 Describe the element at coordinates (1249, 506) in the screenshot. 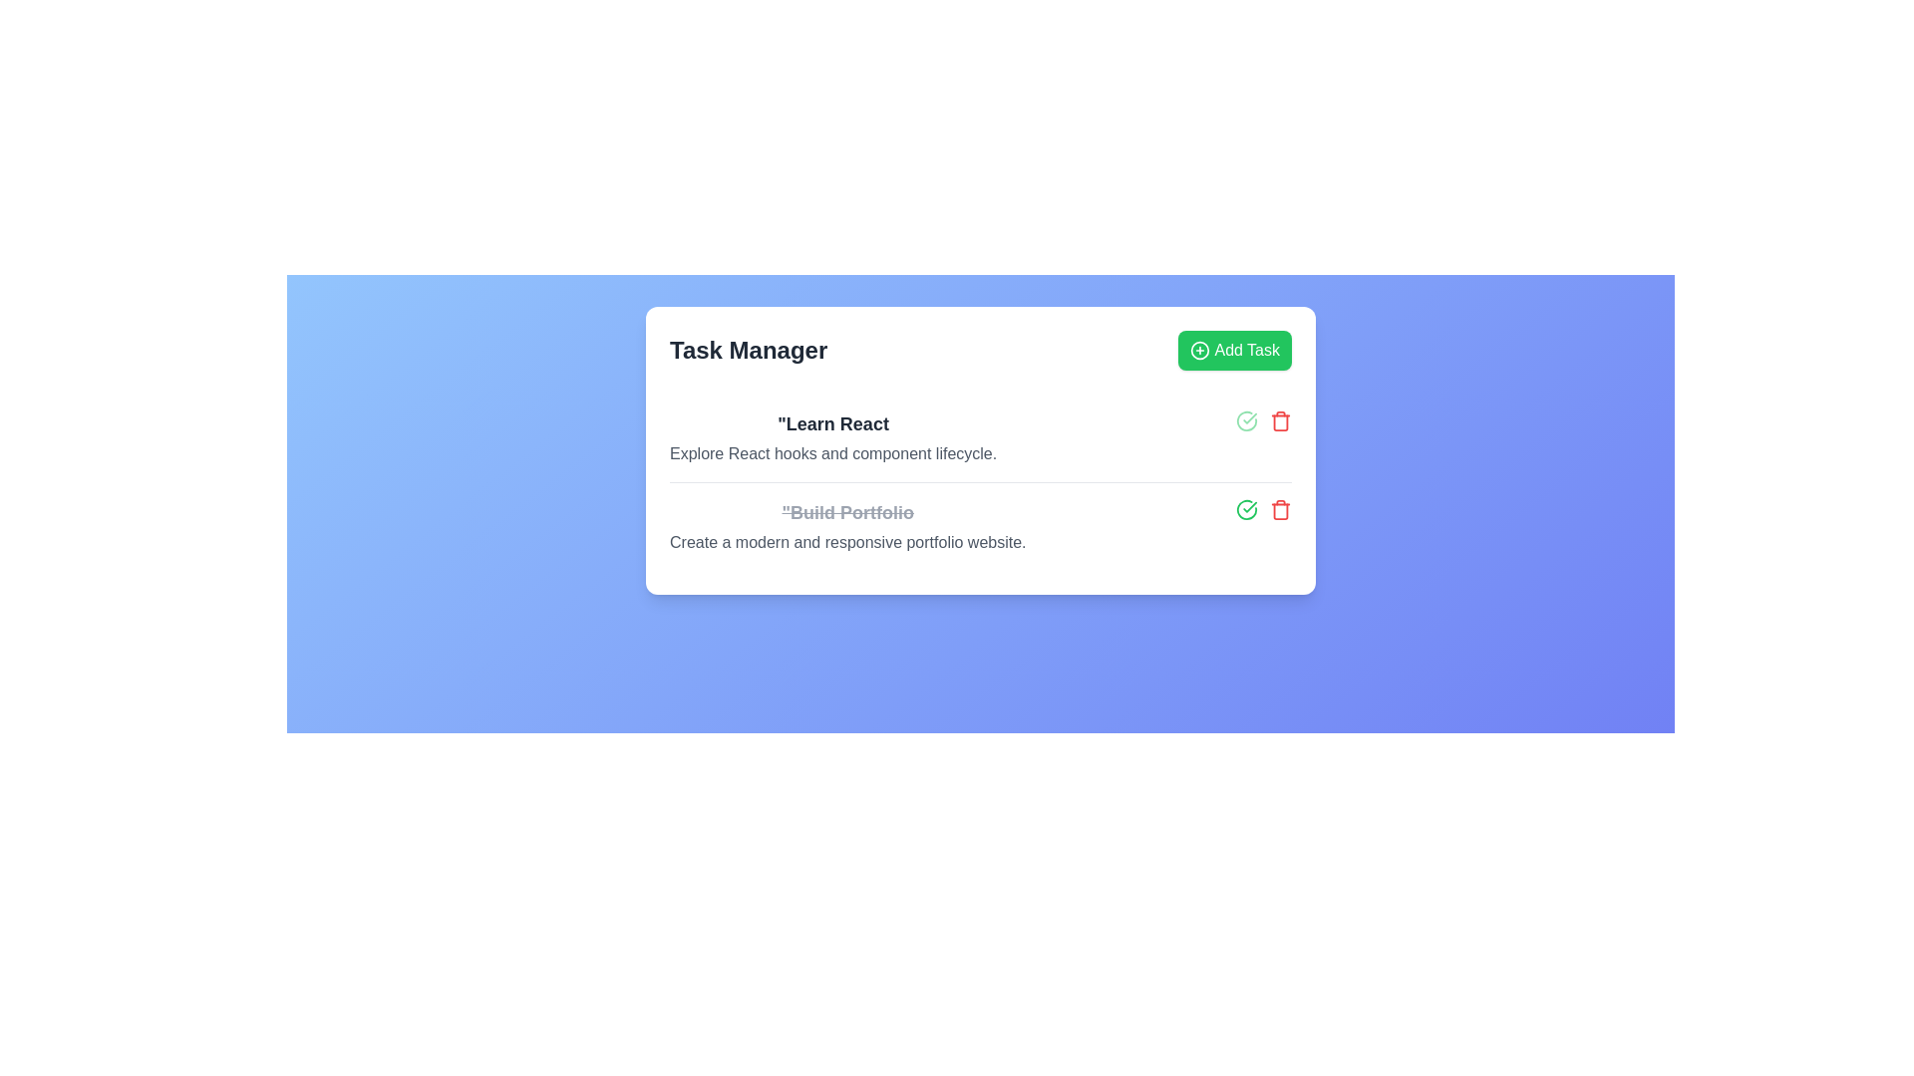

I see `the task completion indicator icon within the 'Learn React' task card, which visually represents that the associated task has been marked as completed` at that location.